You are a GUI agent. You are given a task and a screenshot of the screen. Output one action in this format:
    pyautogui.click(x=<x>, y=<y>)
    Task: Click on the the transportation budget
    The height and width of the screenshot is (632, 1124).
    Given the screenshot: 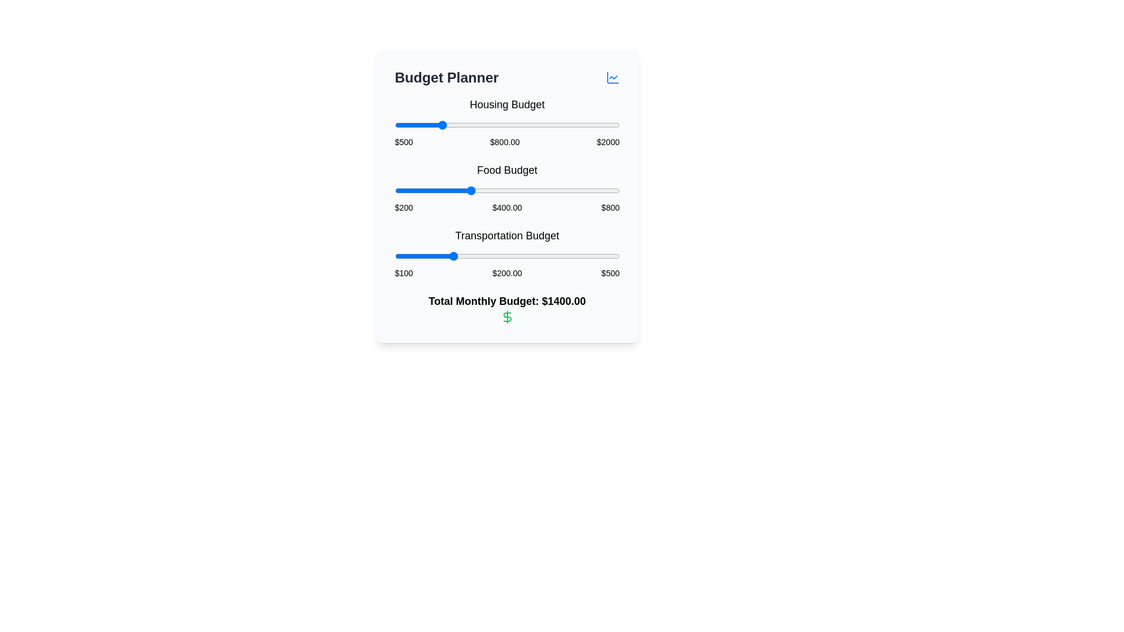 What is the action you would take?
    pyautogui.click(x=498, y=256)
    